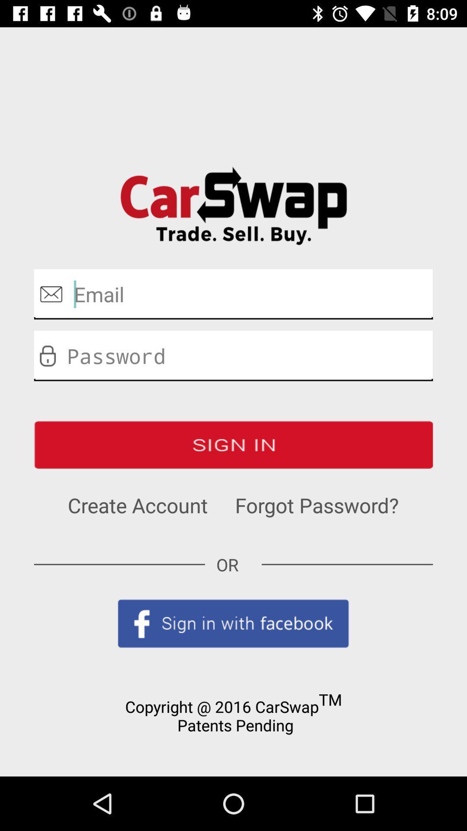 This screenshot has height=831, width=467. What do you see at coordinates (233, 294) in the screenshot?
I see `email entry box` at bounding box center [233, 294].